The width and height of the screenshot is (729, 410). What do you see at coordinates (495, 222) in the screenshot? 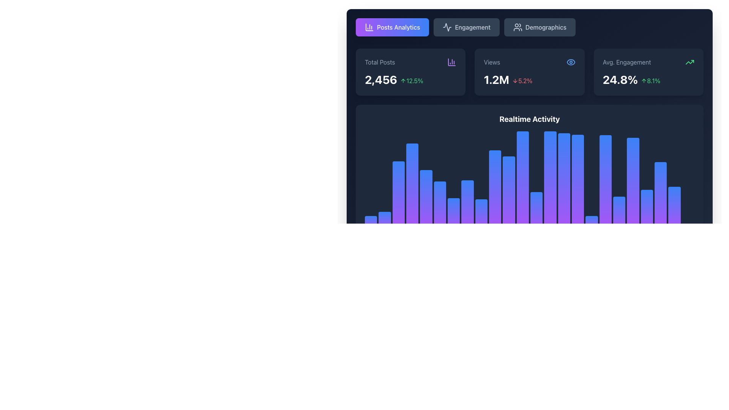
I see `the 10th bar in the 'Realtime Activity' bar chart` at bounding box center [495, 222].